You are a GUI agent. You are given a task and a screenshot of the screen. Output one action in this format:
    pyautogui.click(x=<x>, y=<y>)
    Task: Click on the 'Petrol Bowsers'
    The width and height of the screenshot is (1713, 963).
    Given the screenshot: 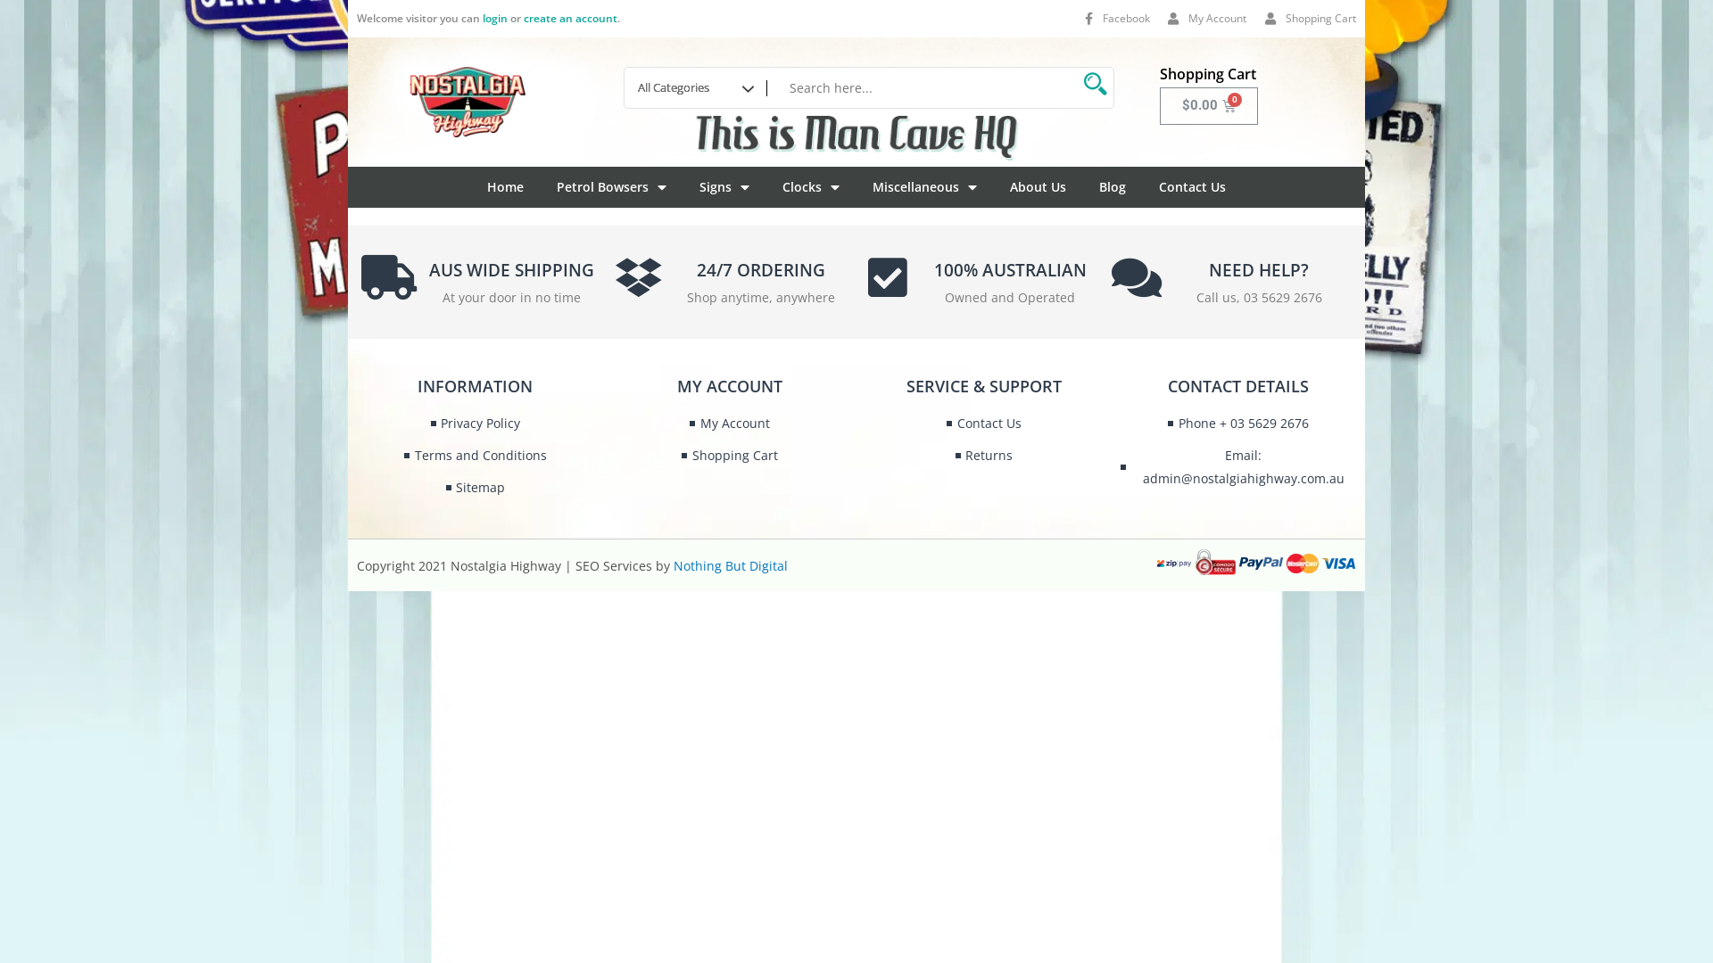 What is the action you would take?
    pyautogui.click(x=611, y=186)
    